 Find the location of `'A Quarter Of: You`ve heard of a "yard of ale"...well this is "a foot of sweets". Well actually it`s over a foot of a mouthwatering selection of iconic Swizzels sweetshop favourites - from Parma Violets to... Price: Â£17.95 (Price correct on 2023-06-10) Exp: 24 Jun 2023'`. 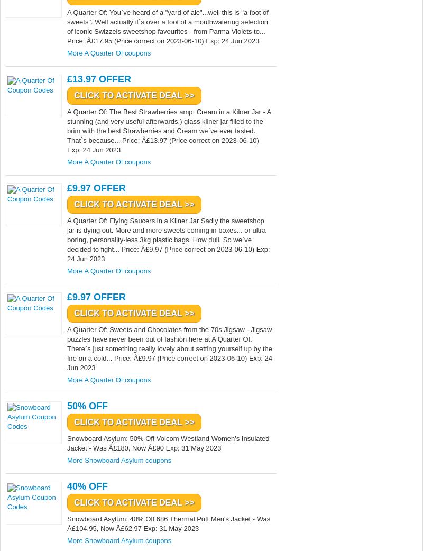

'A Quarter Of: You`ve heard of a "yard of ale"...well this is "a foot of sweets". Well actually it`s over a foot of a mouthwatering selection of iconic Swizzels sweetshop favourites - from Parma Violets to... Price: Â£17.95 (Price correct on 2023-06-10) Exp: 24 Jun 2023' is located at coordinates (167, 26).